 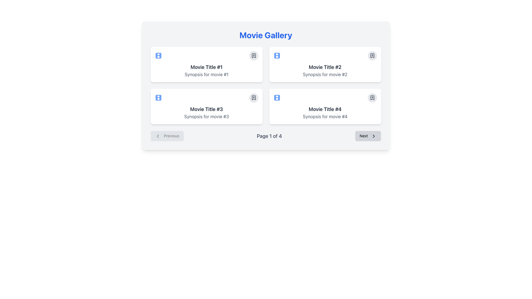 I want to click on the 'Previous' button which contains a leftward-pointing chevron icon for navigation, so click(x=157, y=136).